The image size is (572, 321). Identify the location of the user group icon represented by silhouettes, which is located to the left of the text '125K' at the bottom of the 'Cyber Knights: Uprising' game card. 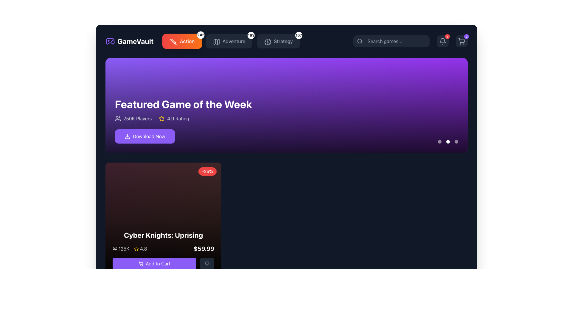
(115, 249).